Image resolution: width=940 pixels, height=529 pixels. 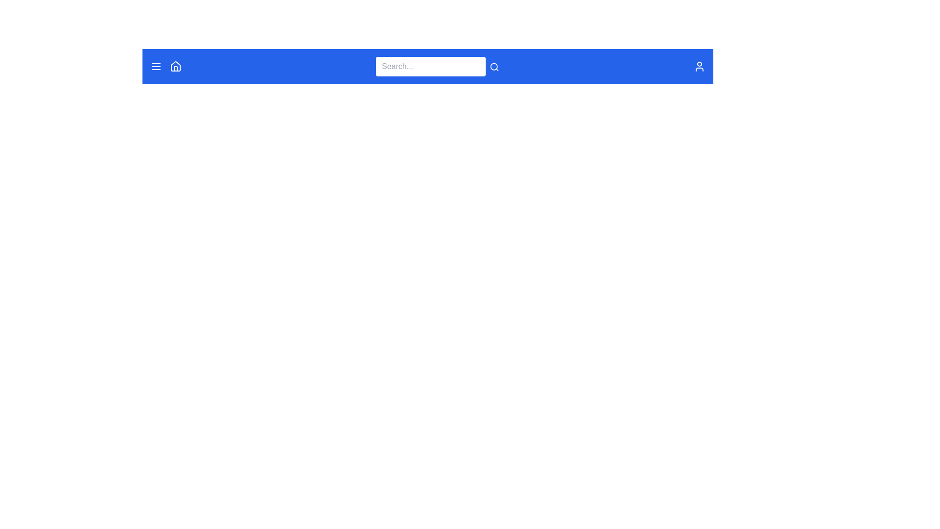 What do you see at coordinates (155, 66) in the screenshot?
I see `the Menu Icon located on the leftmost side of the top navigation bar` at bounding box center [155, 66].